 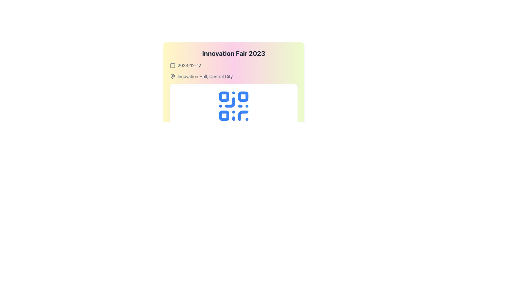 What do you see at coordinates (233, 106) in the screenshot?
I see `the QR code centered in a white rectangular card with rounded corners and a shadow effect, located below the details about the 'Innovation Fair 2023'` at bounding box center [233, 106].